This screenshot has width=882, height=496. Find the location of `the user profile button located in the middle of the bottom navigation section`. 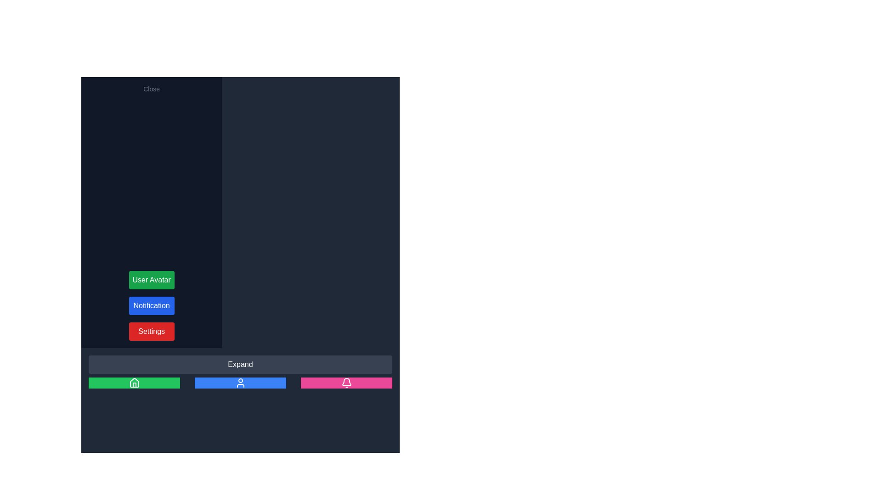

the user profile button located in the middle of the bottom navigation section is located at coordinates (240, 383).